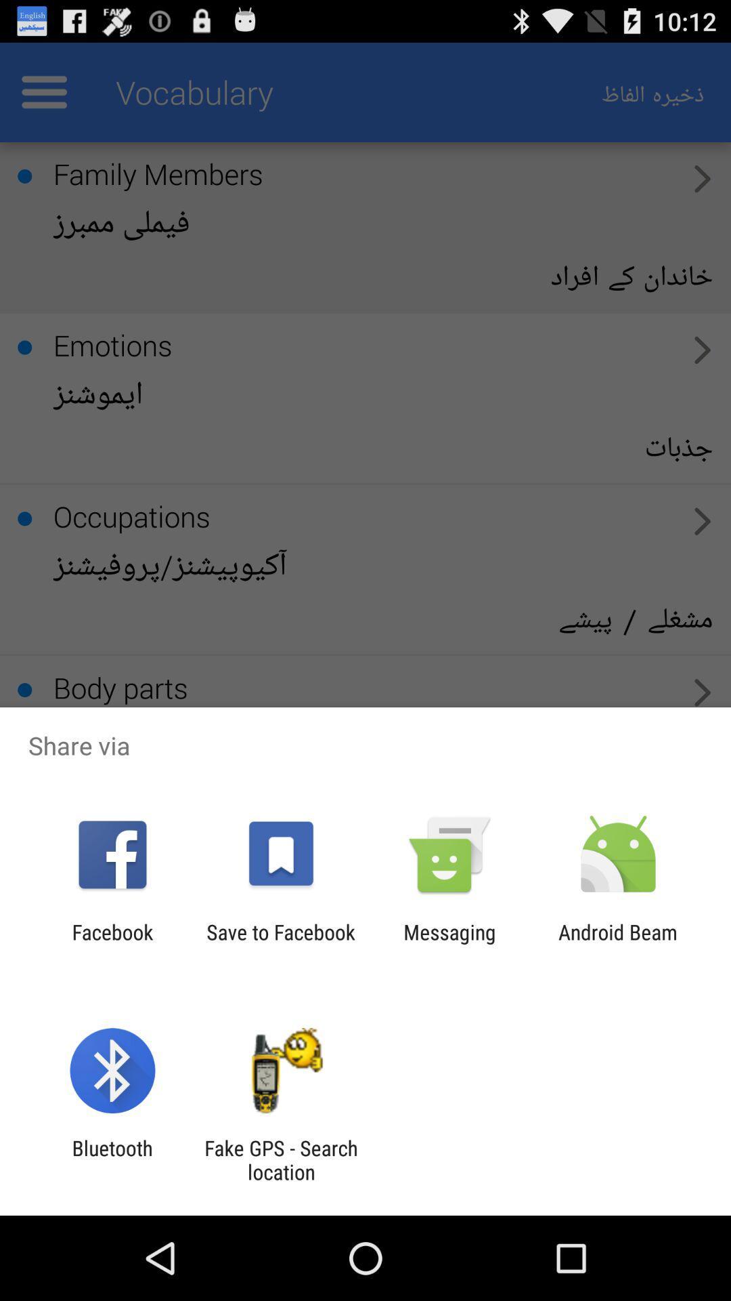 The image size is (731, 1301). What do you see at coordinates (449, 943) in the screenshot?
I see `the app to the left of the android beam item` at bounding box center [449, 943].